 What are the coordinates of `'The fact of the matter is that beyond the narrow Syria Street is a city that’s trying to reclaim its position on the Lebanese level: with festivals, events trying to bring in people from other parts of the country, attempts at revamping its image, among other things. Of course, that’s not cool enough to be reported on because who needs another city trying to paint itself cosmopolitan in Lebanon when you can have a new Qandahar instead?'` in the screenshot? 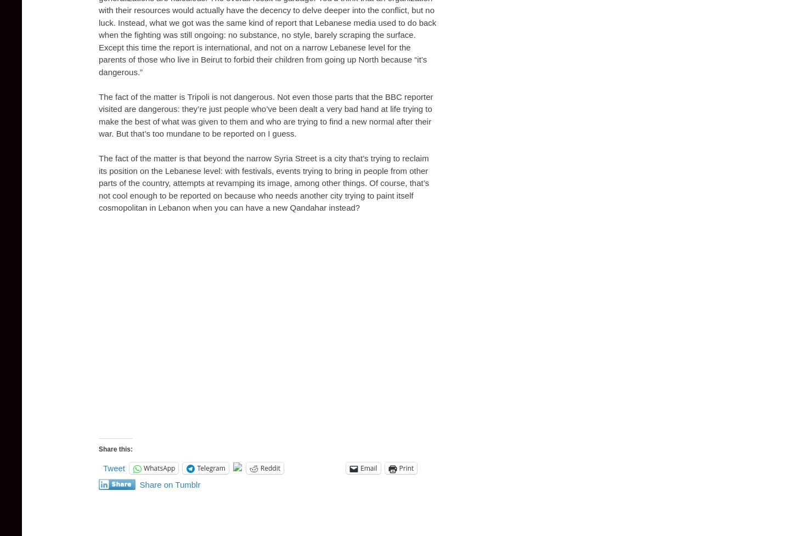 It's located at (263, 183).